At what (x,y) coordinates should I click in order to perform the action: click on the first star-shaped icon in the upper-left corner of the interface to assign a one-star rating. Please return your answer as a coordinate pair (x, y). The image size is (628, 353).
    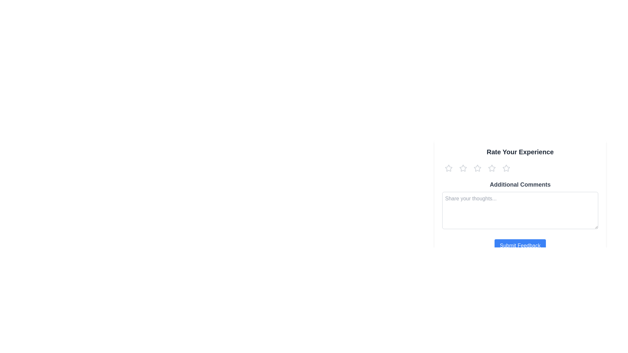
    Looking at the image, I should click on (448, 168).